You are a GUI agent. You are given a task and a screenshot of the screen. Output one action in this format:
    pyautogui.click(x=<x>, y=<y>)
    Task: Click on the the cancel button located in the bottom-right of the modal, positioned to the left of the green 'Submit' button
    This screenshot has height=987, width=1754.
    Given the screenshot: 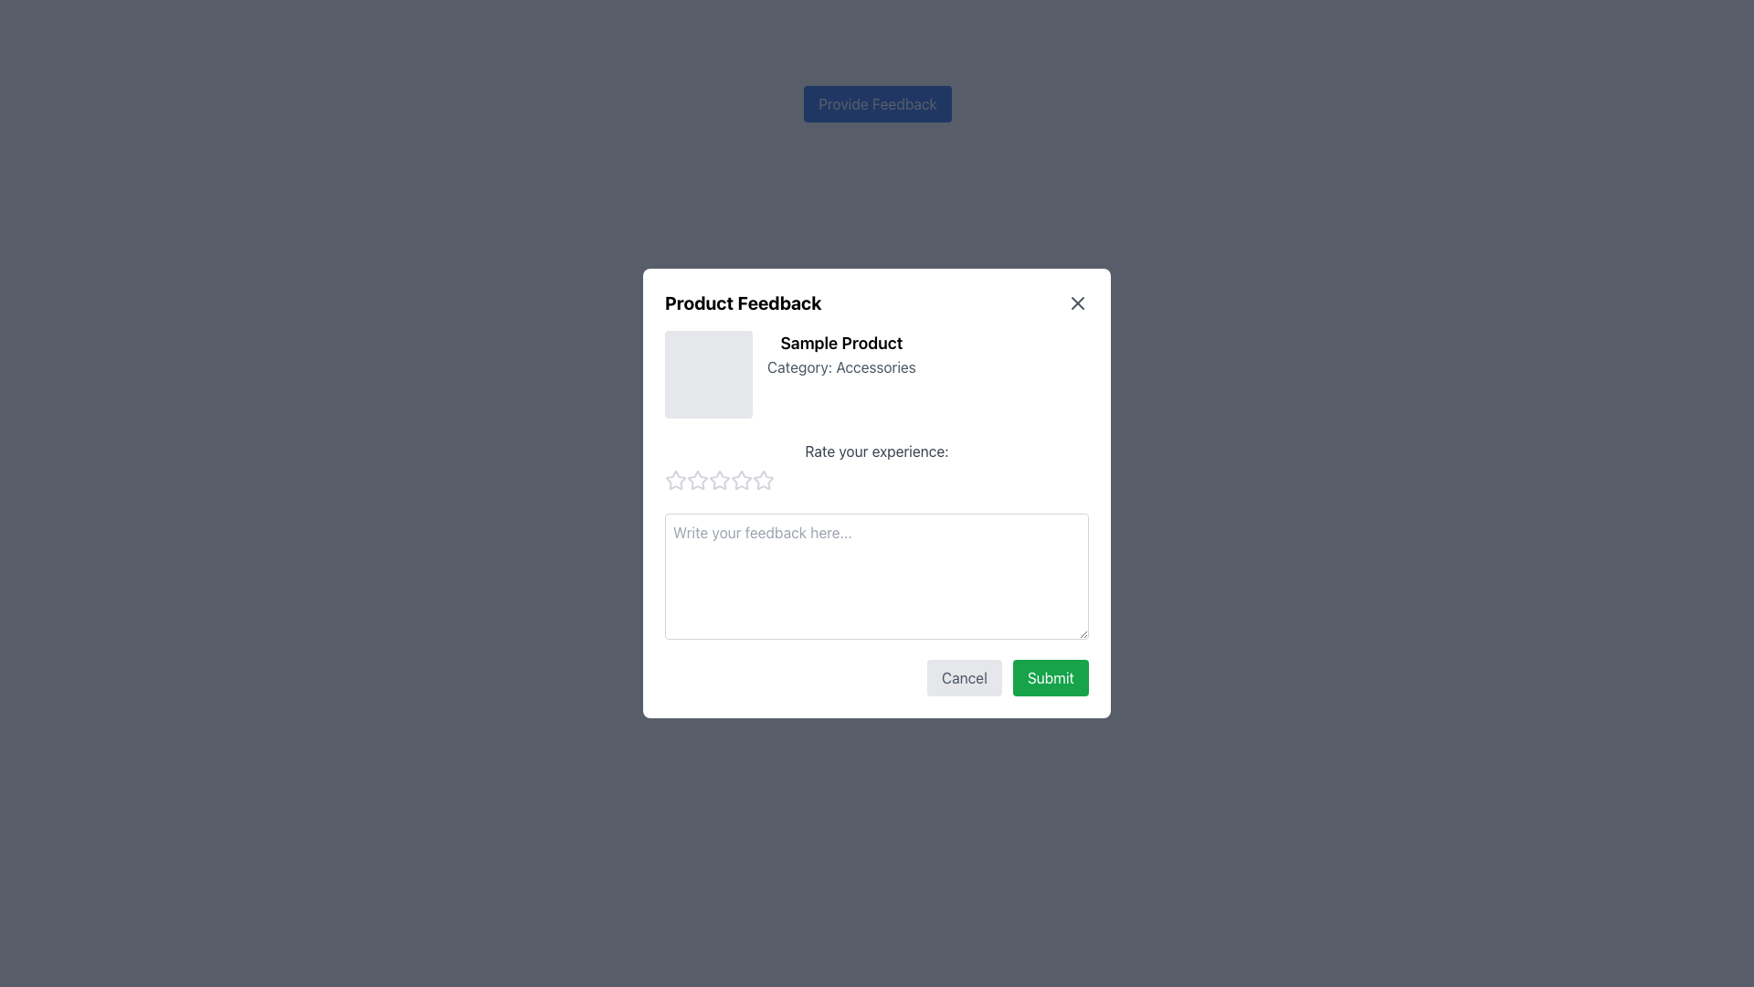 What is the action you would take?
    pyautogui.click(x=963, y=677)
    